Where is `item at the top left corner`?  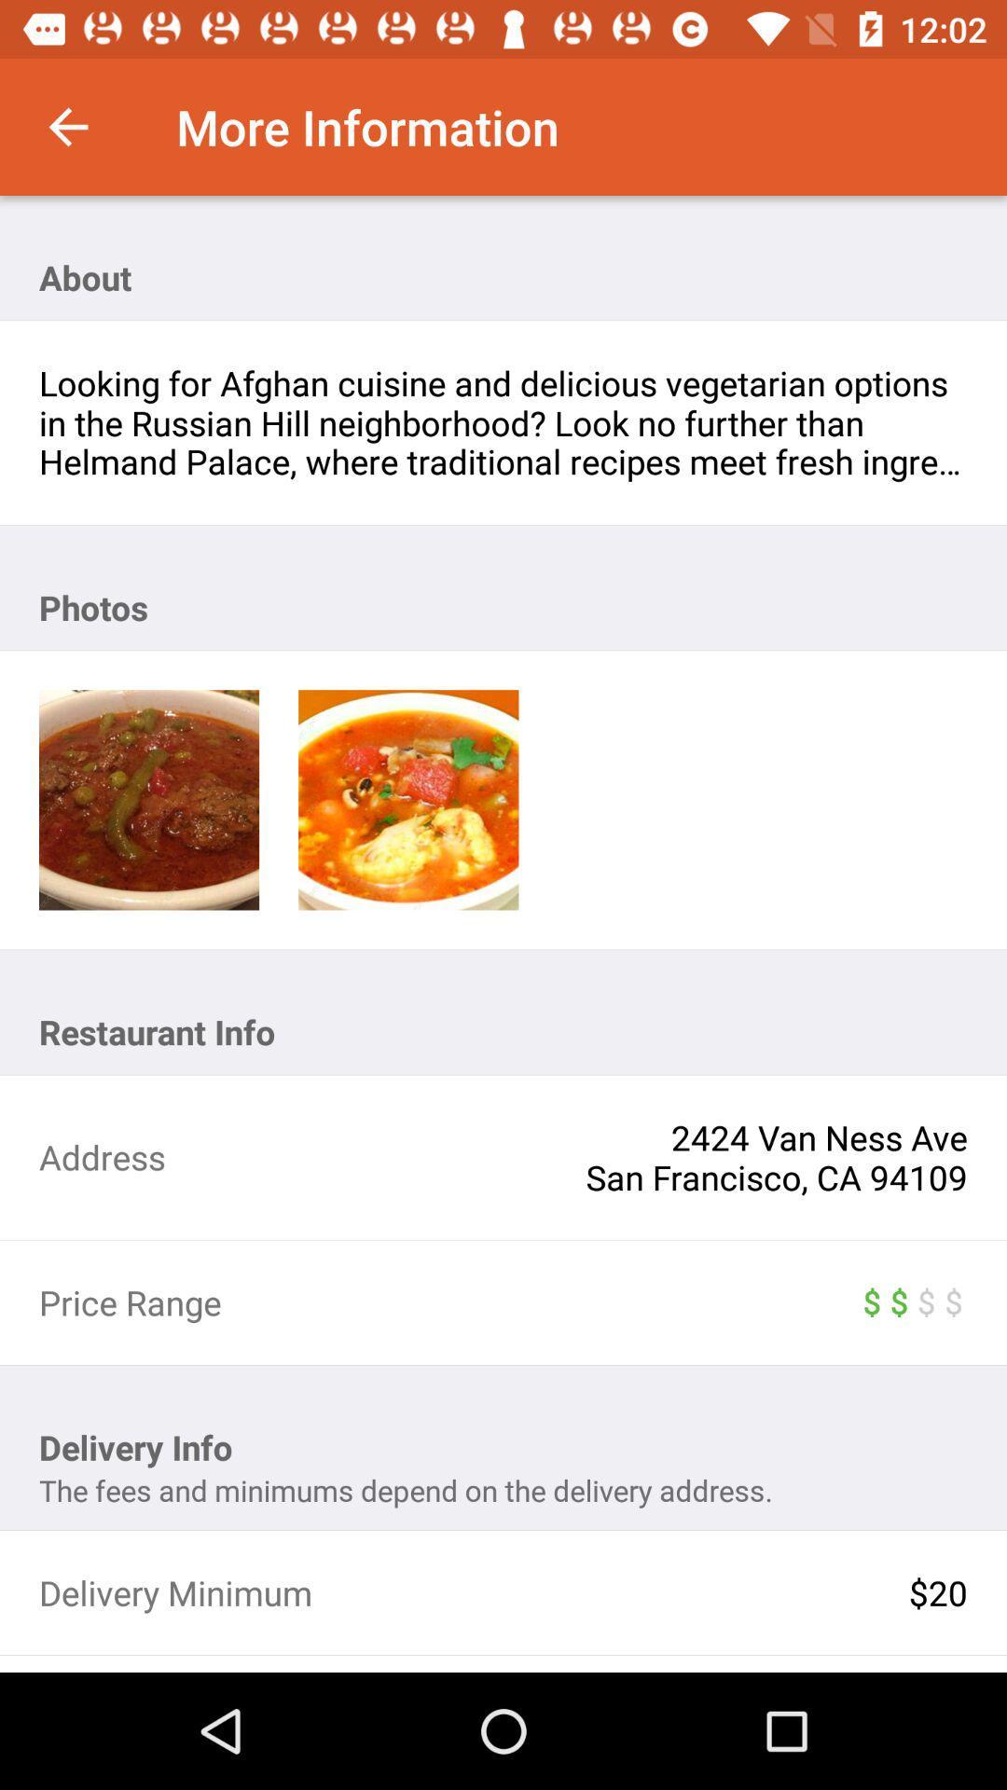
item at the top left corner is located at coordinates (67, 126).